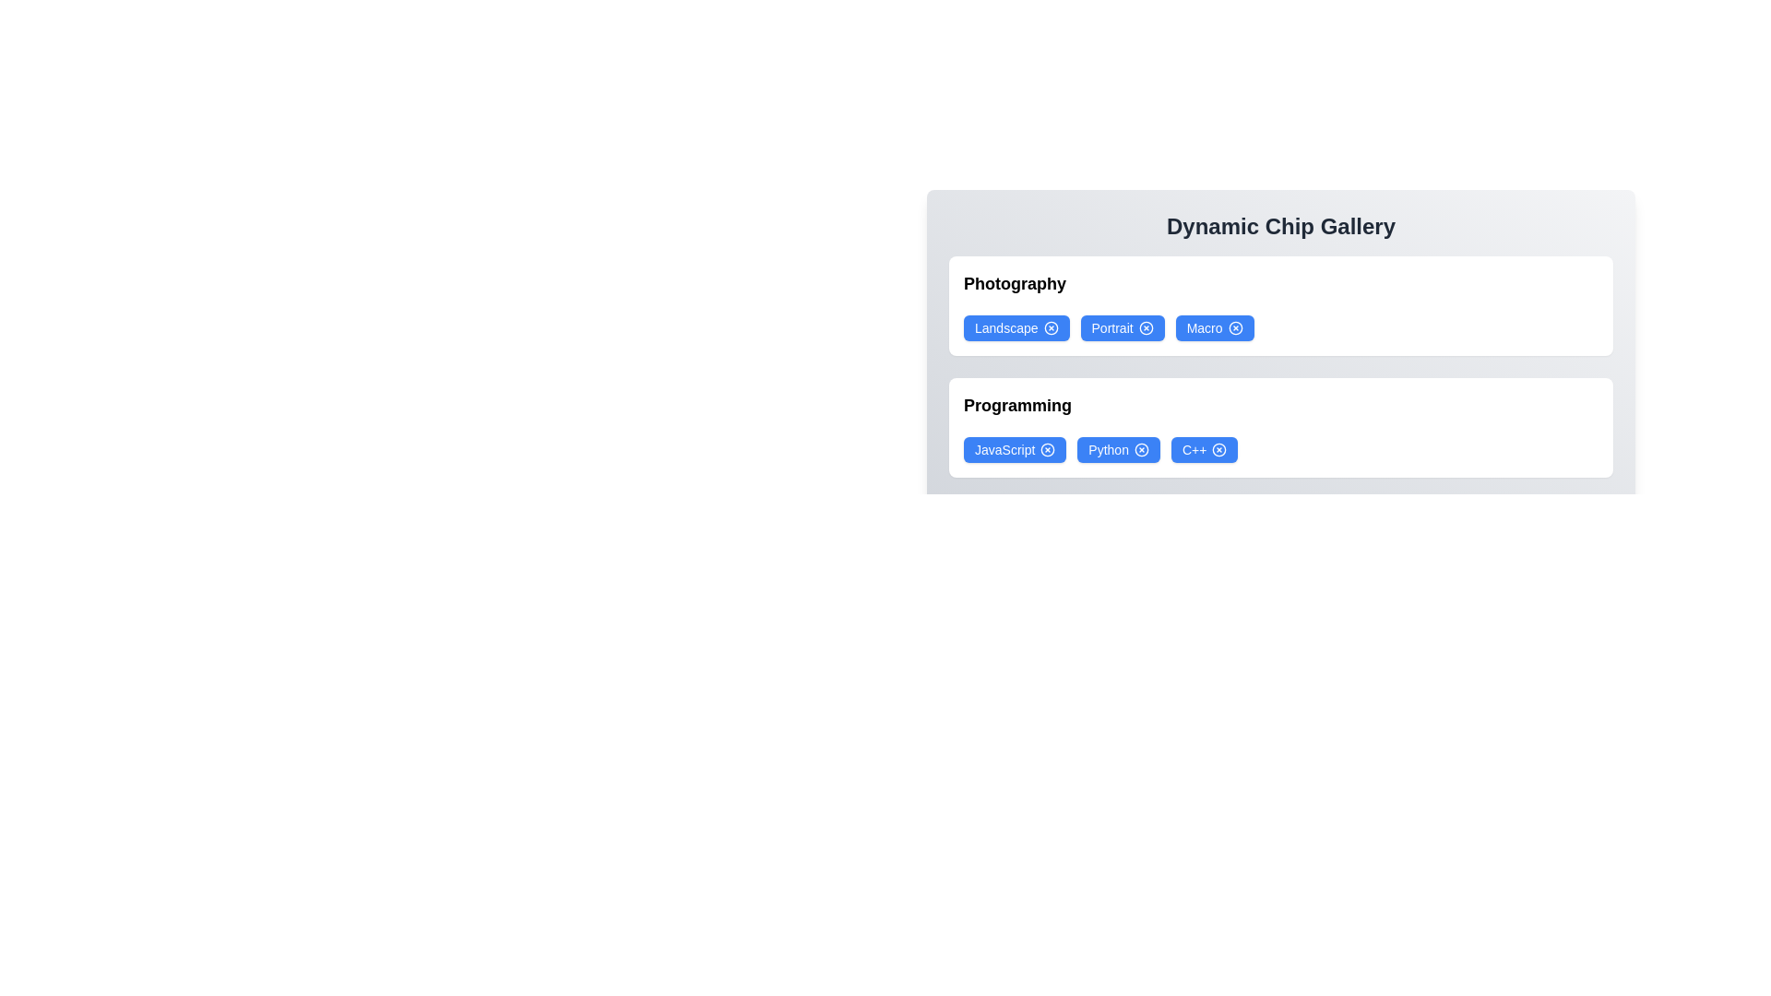 This screenshot has height=996, width=1771. What do you see at coordinates (1204, 450) in the screenshot?
I see `the chip labeled C++ to select it` at bounding box center [1204, 450].